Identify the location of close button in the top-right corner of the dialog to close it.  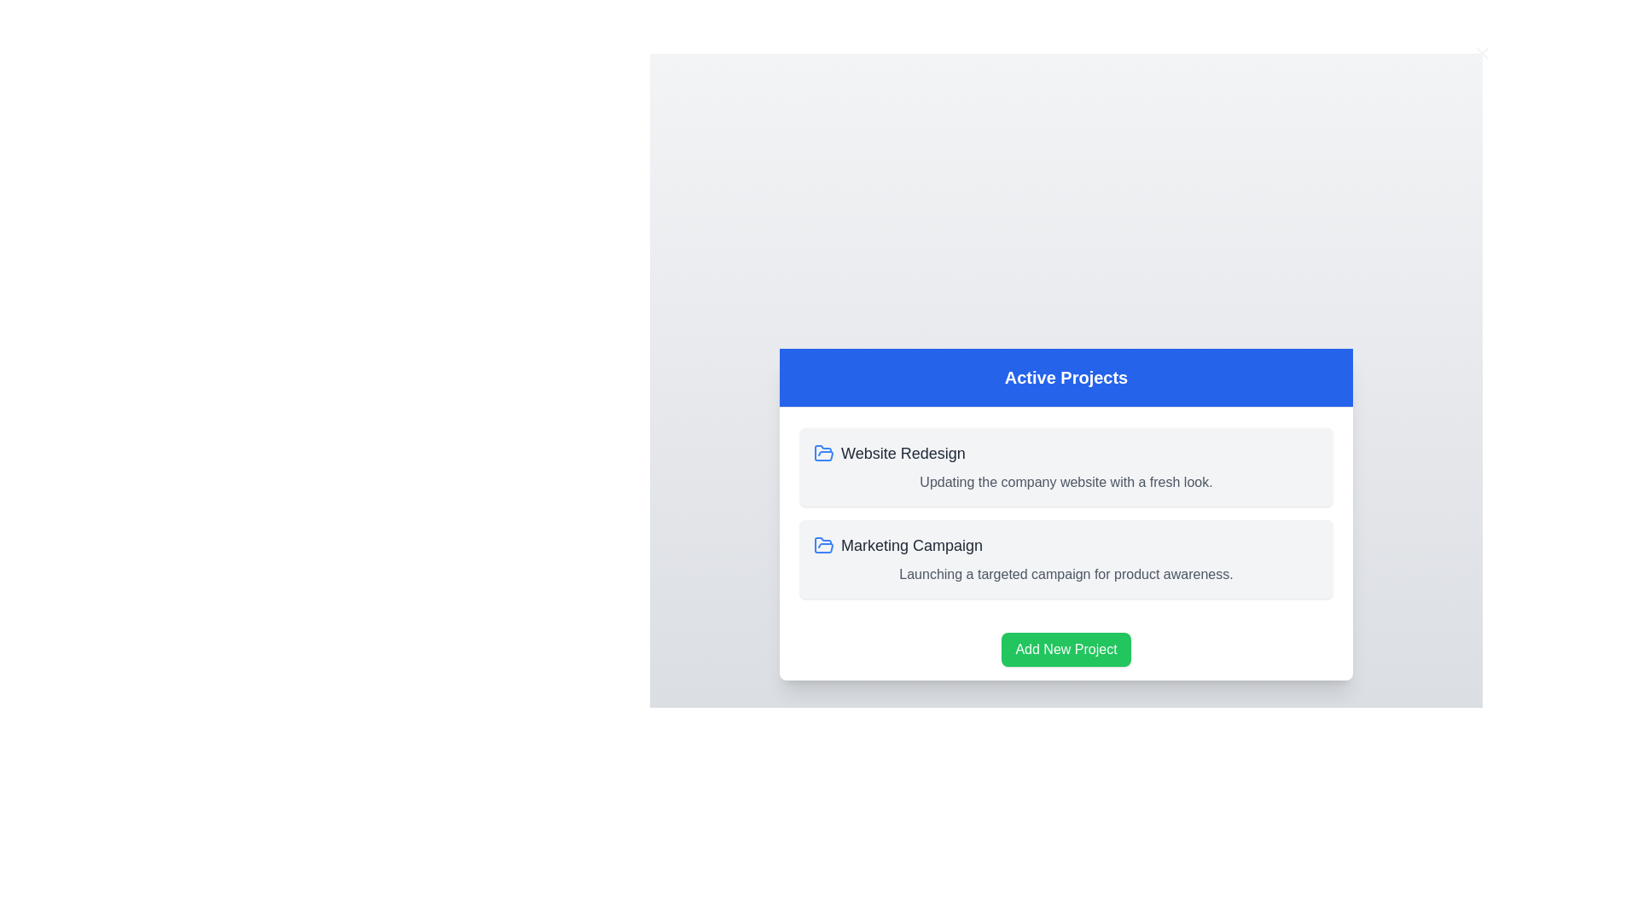
(1481, 52).